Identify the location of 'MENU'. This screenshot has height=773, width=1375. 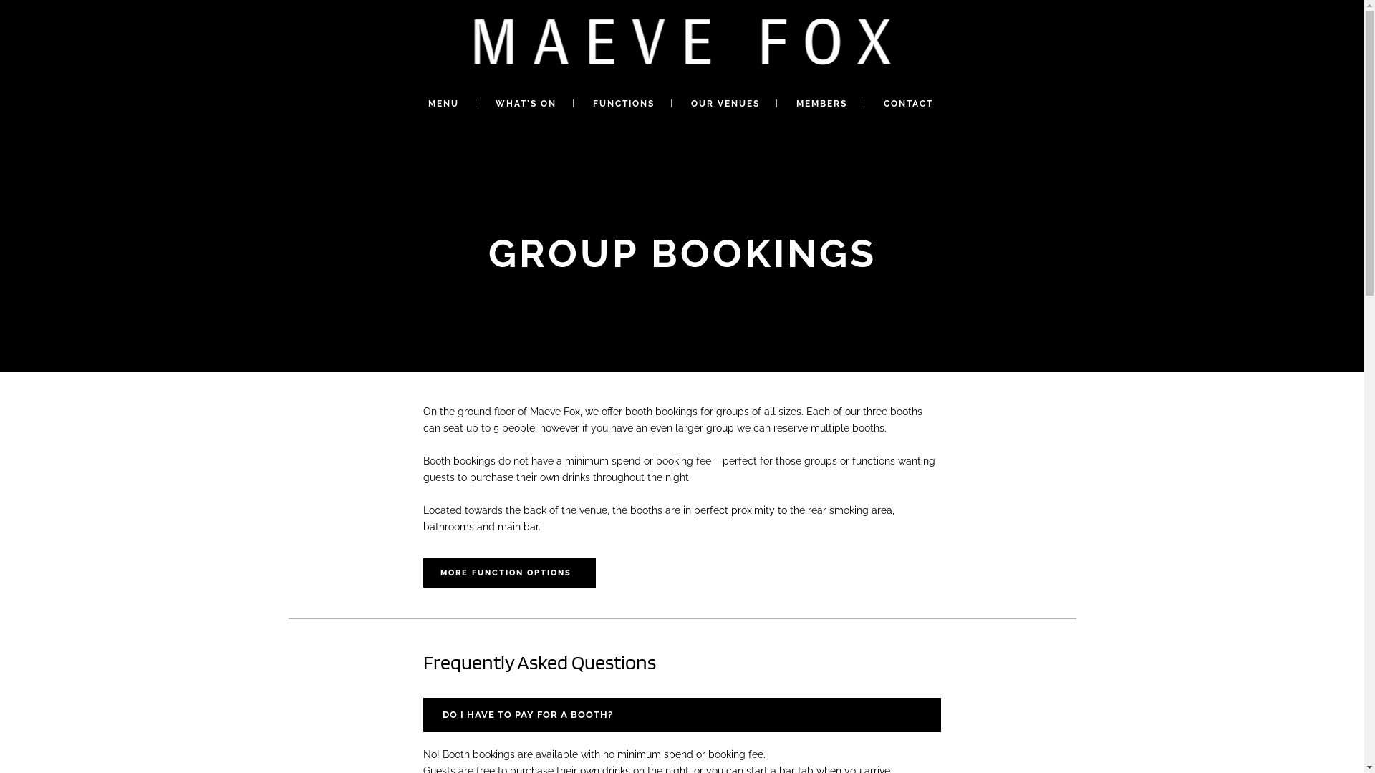
(443, 103).